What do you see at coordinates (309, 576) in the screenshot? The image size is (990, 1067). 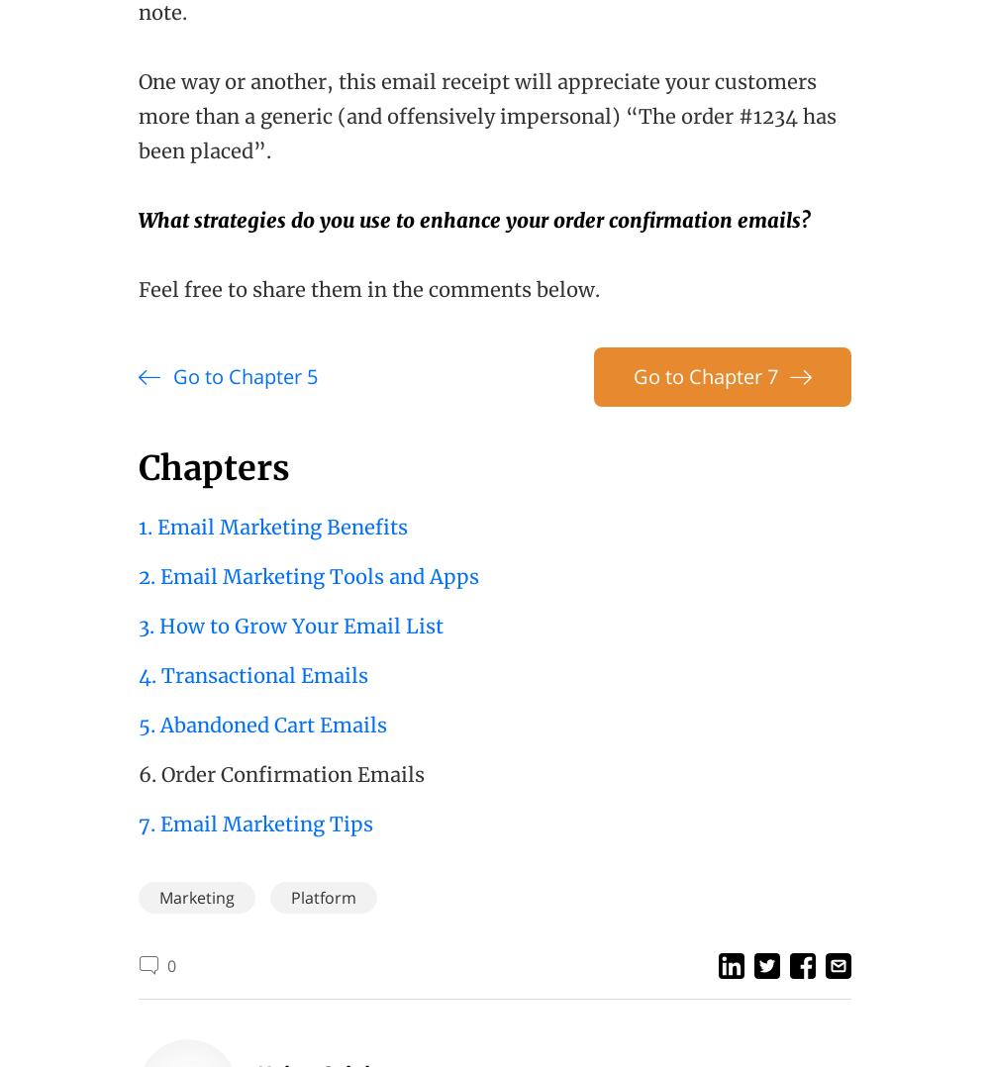 I see `'2. Email Marketing Tools and Apps'` at bounding box center [309, 576].